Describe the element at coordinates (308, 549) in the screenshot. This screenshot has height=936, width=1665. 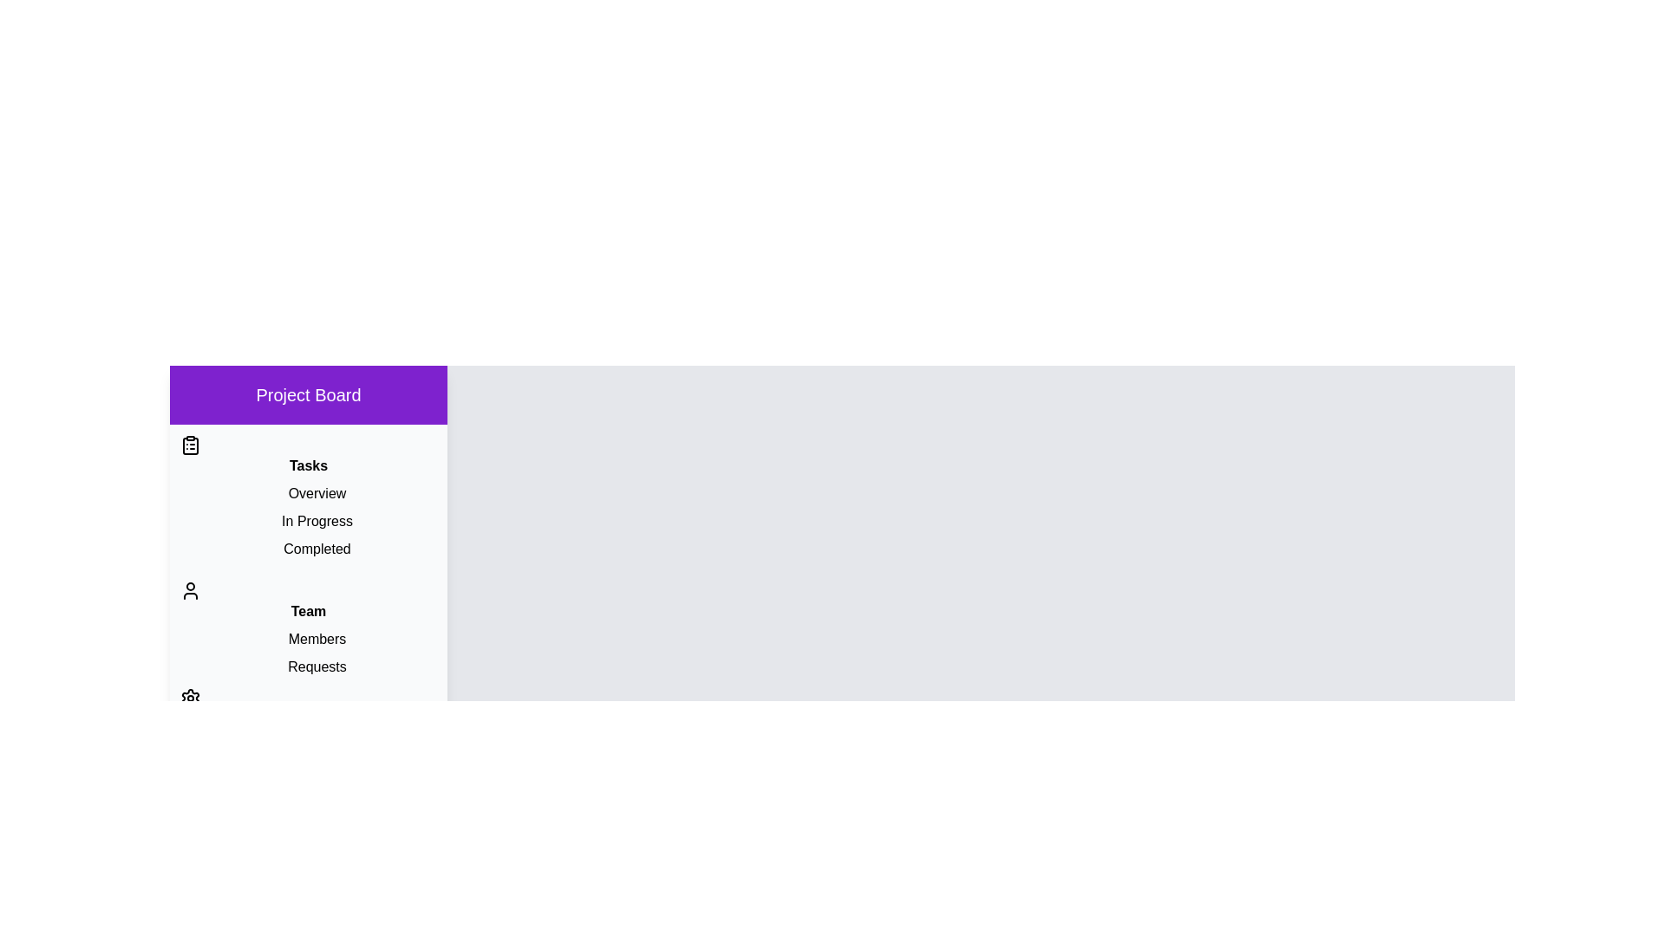
I see `the item Completed in the section Tasks` at that location.